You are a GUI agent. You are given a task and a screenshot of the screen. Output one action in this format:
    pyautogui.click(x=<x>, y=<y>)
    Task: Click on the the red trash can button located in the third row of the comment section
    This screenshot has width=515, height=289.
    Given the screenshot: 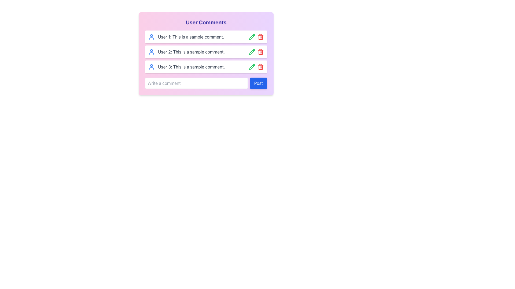 What is the action you would take?
    pyautogui.click(x=260, y=67)
    